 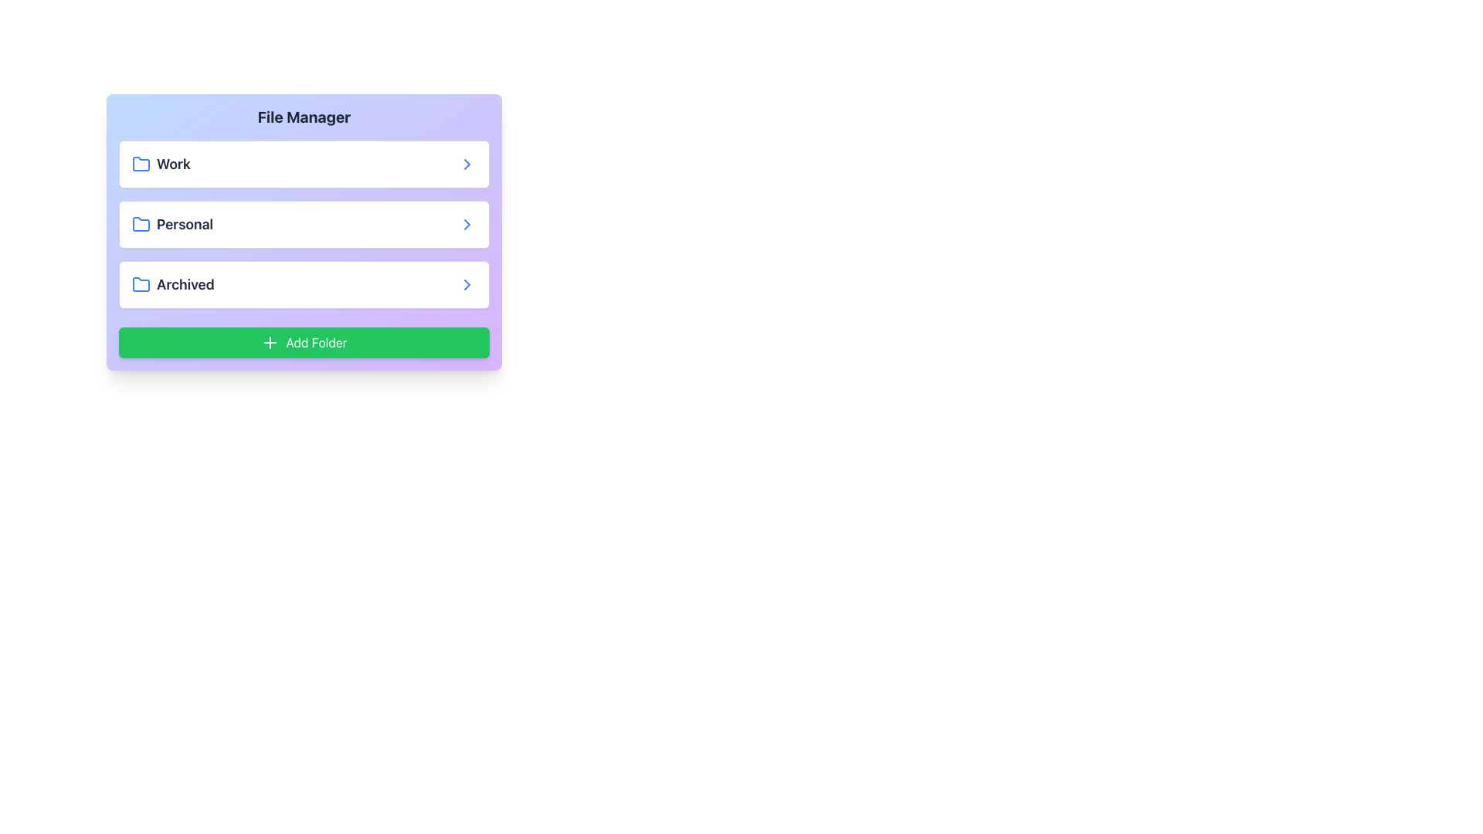 I want to click on the folder icon representing the 'Personal' category in the 'File Manager' interface, located at the beginning of the second list item, so click(x=141, y=224).